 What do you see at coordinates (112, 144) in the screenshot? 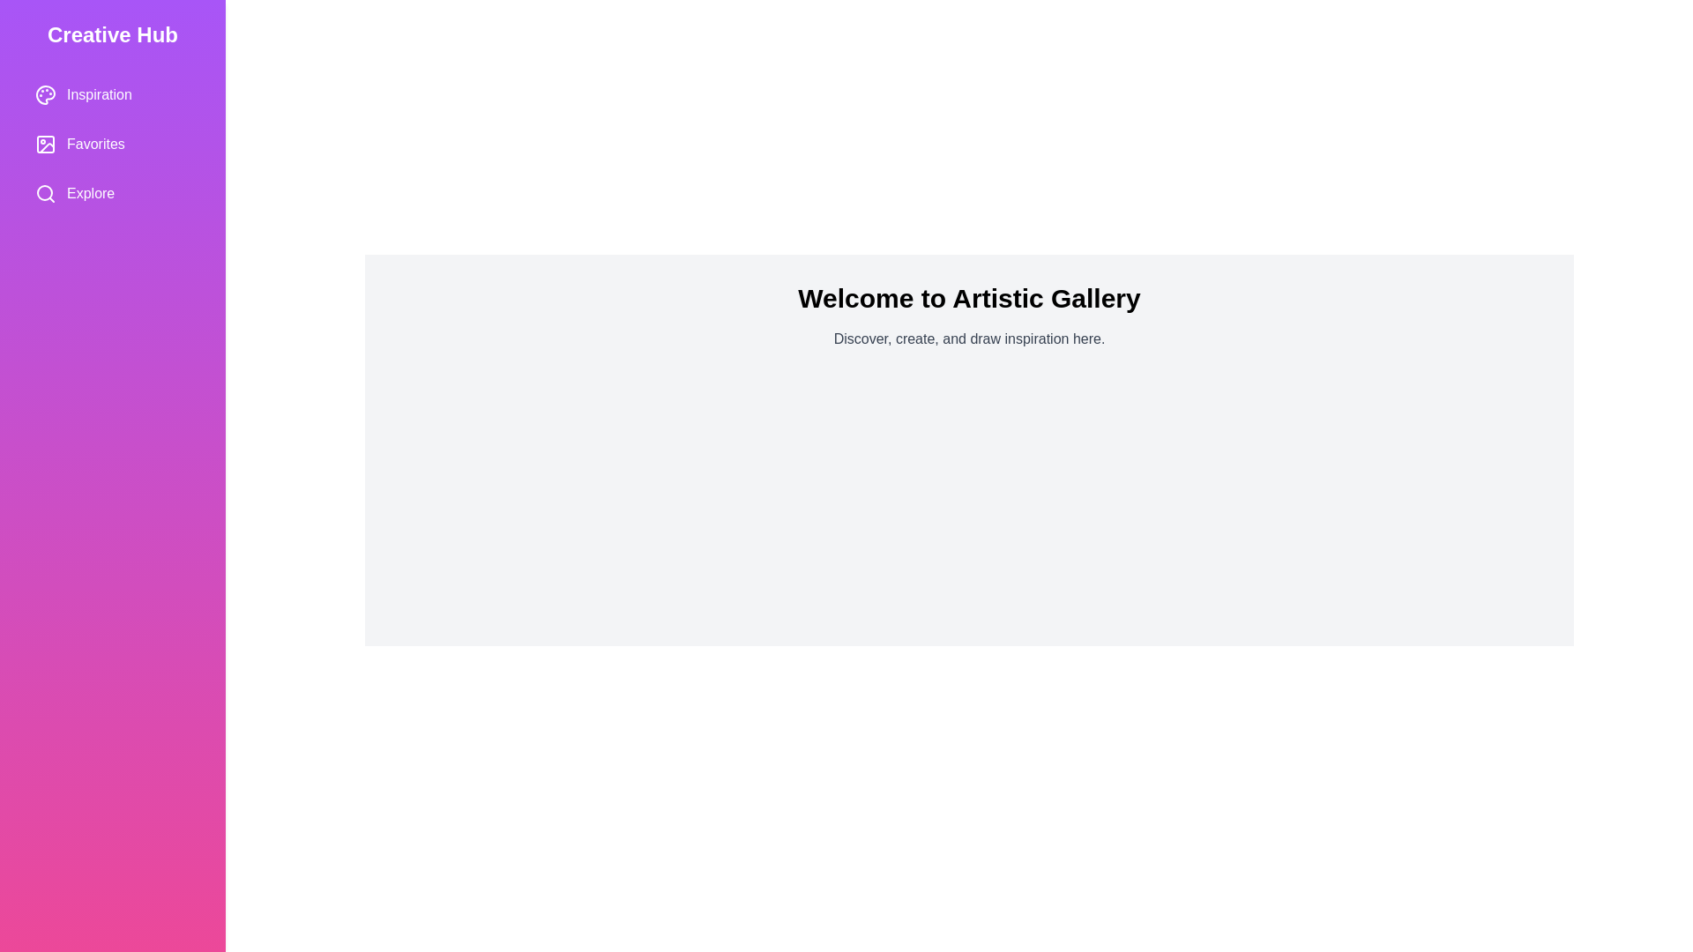
I see `the category Favorites from the menu` at bounding box center [112, 144].